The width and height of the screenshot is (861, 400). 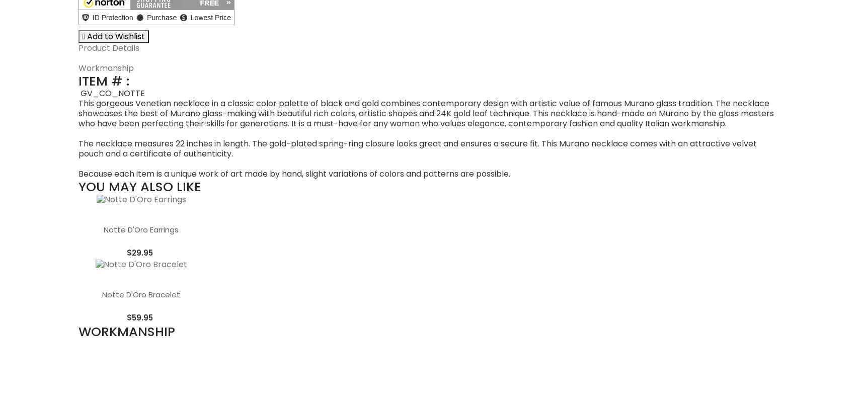 What do you see at coordinates (400, 339) in the screenshot?
I see `'Join'` at bounding box center [400, 339].